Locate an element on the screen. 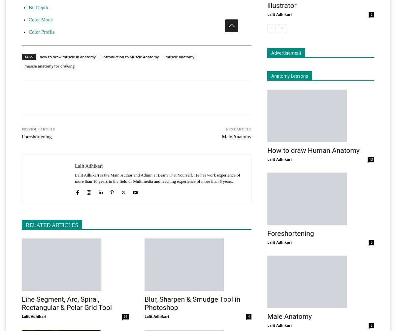  'Introduction to Muscle Anatomy' is located at coordinates (130, 56).